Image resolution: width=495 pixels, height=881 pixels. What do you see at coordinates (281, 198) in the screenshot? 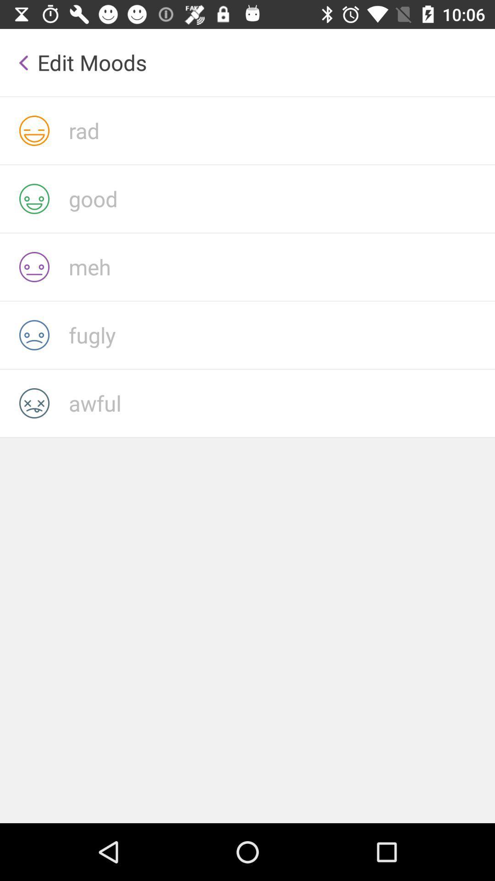
I see `mood` at bounding box center [281, 198].